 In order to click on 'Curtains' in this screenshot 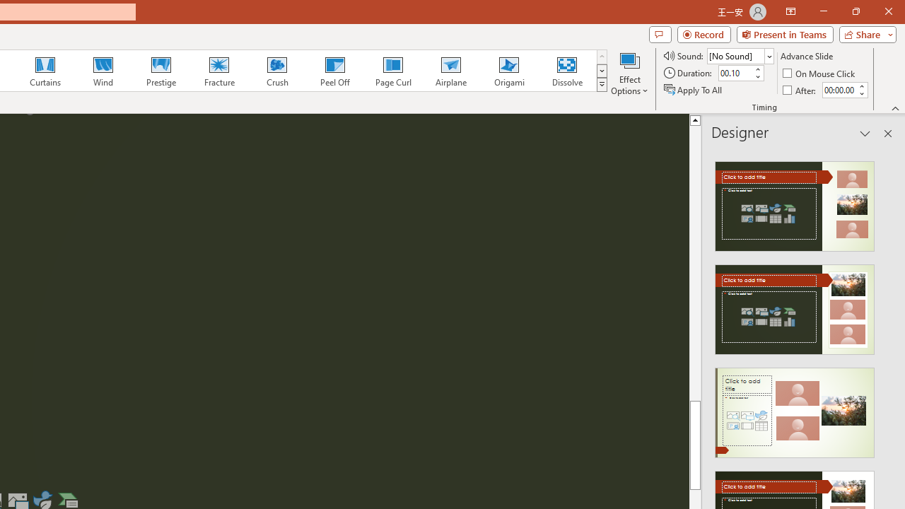, I will do `click(45, 71)`.